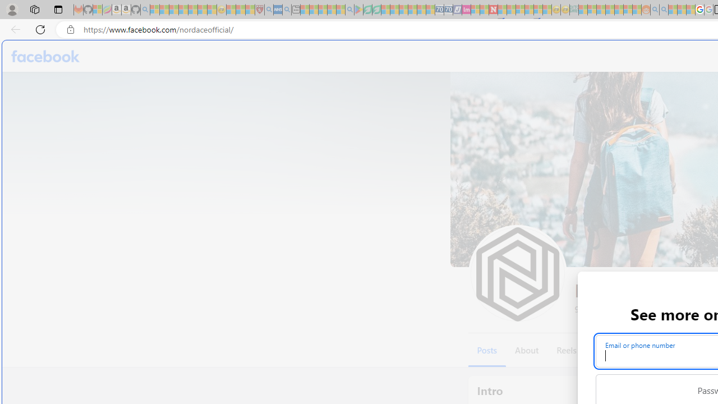 This screenshot has width=718, height=404. What do you see at coordinates (250, 10) in the screenshot?
I see `'Local - MSN - Sleeping'` at bounding box center [250, 10].